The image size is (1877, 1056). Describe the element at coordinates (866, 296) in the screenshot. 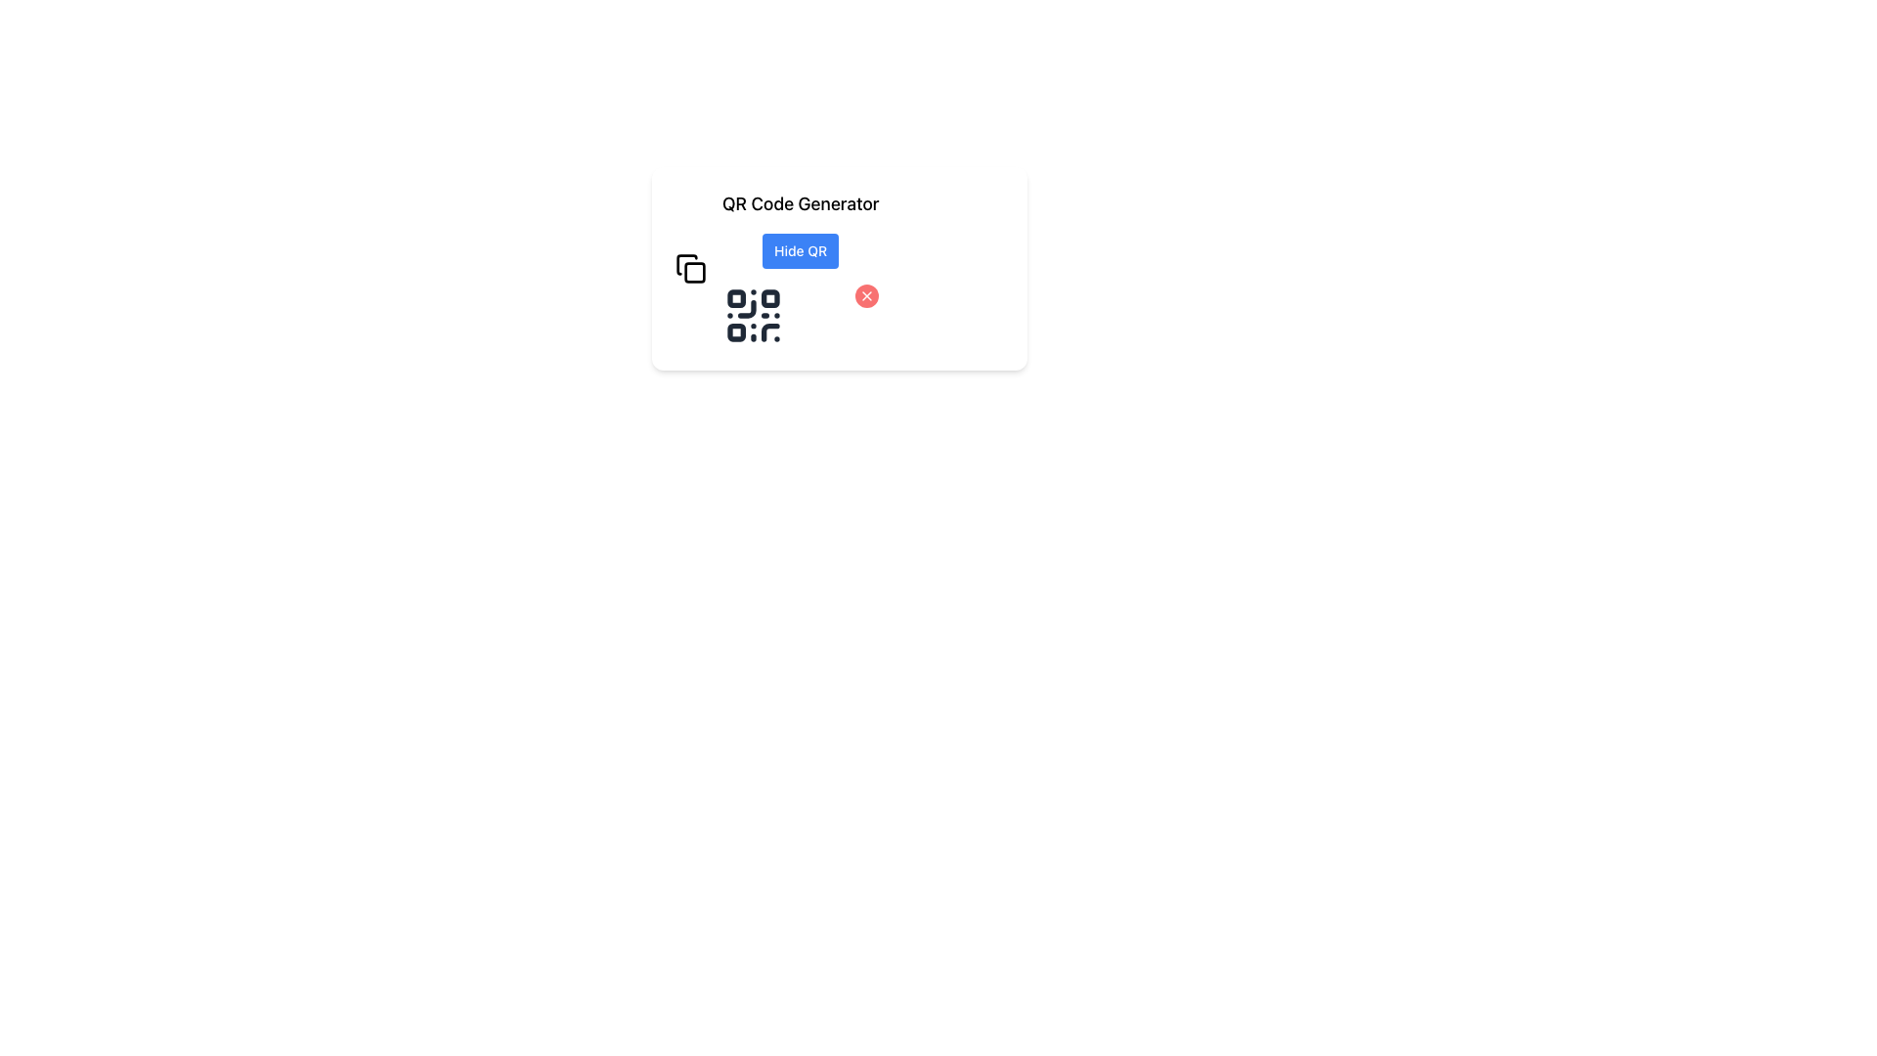

I see `the close button located in the top-right corner of the QR code section` at that location.